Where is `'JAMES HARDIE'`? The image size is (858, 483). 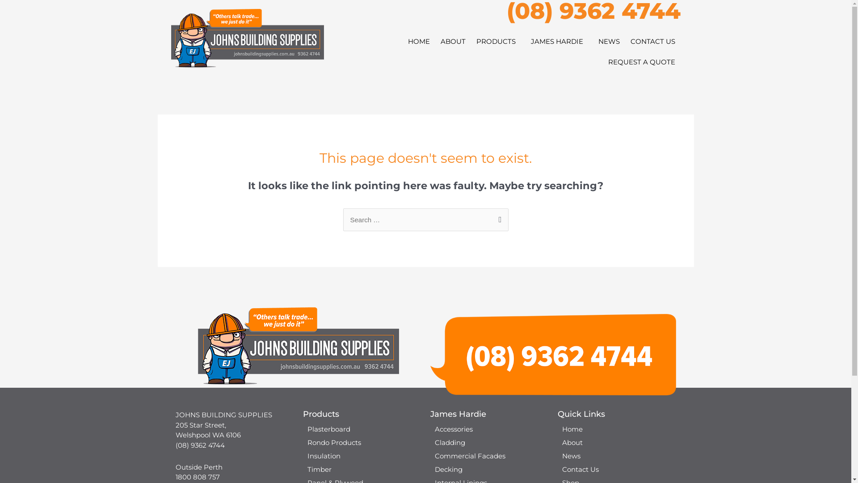
'JAMES HARDIE' is located at coordinates (559, 41).